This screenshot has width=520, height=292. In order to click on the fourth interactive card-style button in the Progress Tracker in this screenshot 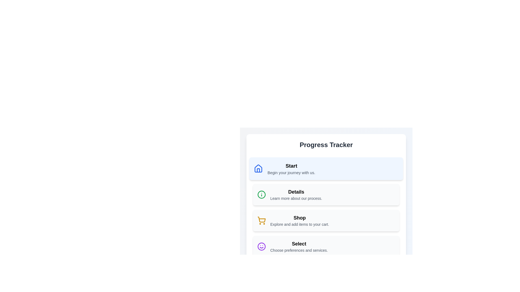, I will do `click(326, 246)`.